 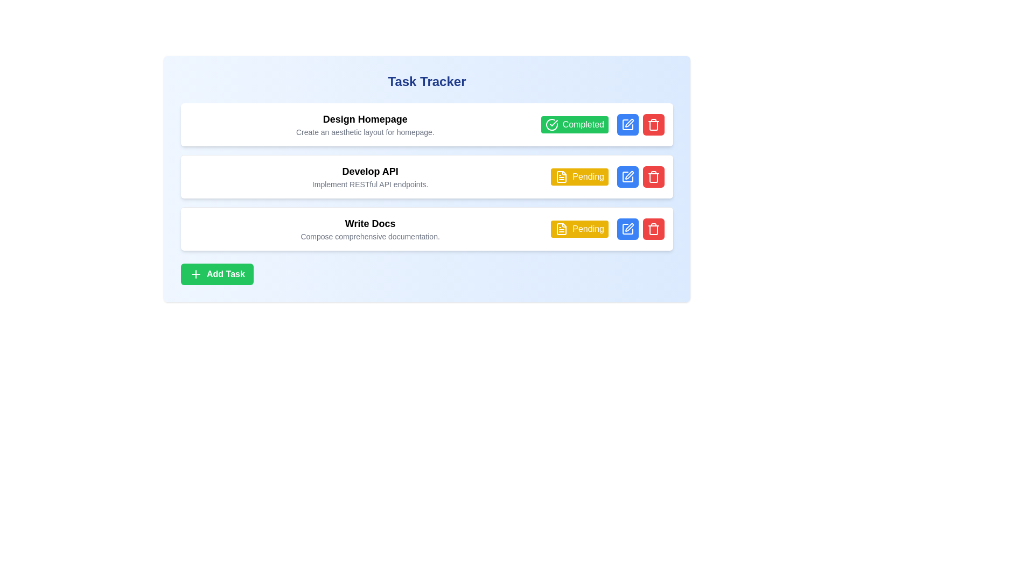 I want to click on the document icon with a thin yellow outline located in the 'Write Docs' row to the left of the 'Pending' status text, so click(x=561, y=228).